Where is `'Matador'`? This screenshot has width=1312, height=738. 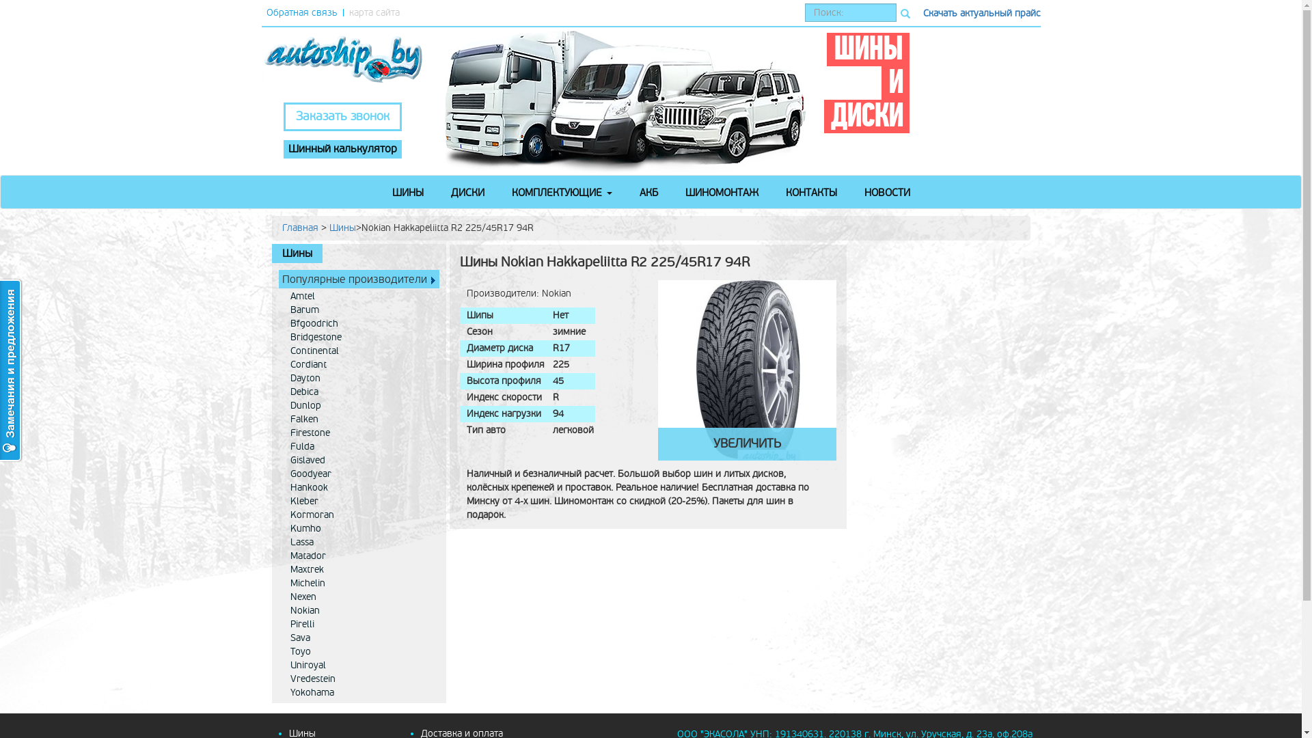
'Matador' is located at coordinates (282, 556).